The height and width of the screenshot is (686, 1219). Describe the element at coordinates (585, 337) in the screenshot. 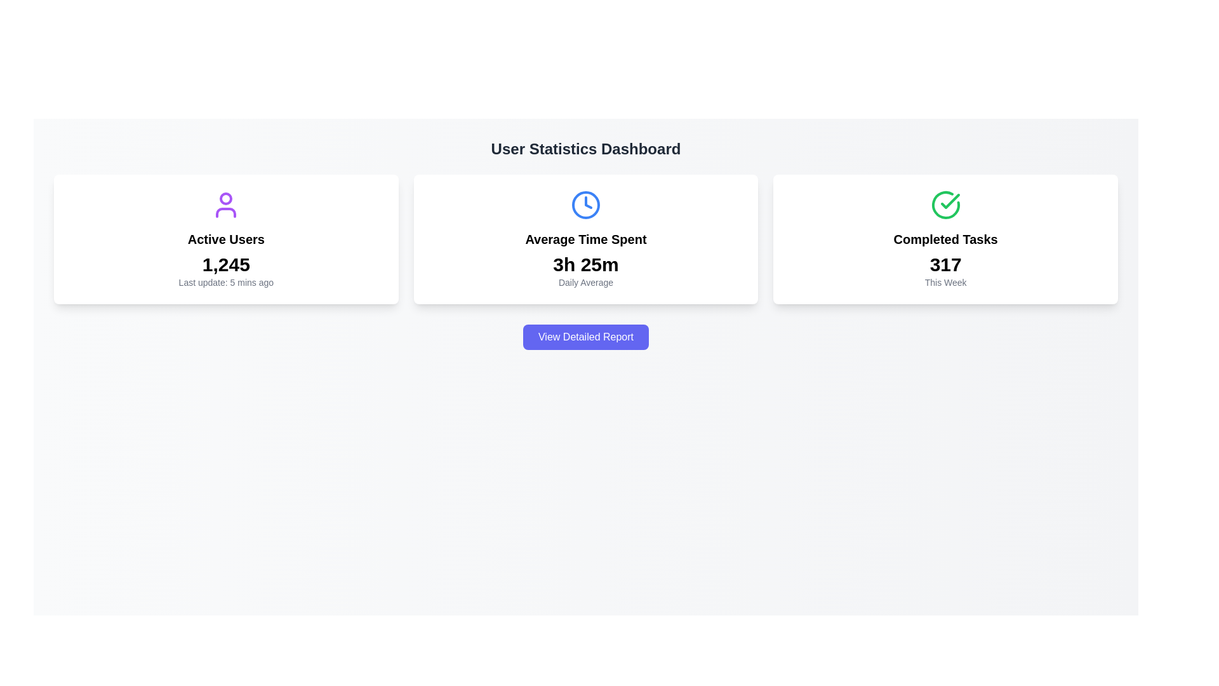

I see `the button with a purple background and white text that reads 'View Detailed Report', located centrally below the dashboard statistics` at that location.